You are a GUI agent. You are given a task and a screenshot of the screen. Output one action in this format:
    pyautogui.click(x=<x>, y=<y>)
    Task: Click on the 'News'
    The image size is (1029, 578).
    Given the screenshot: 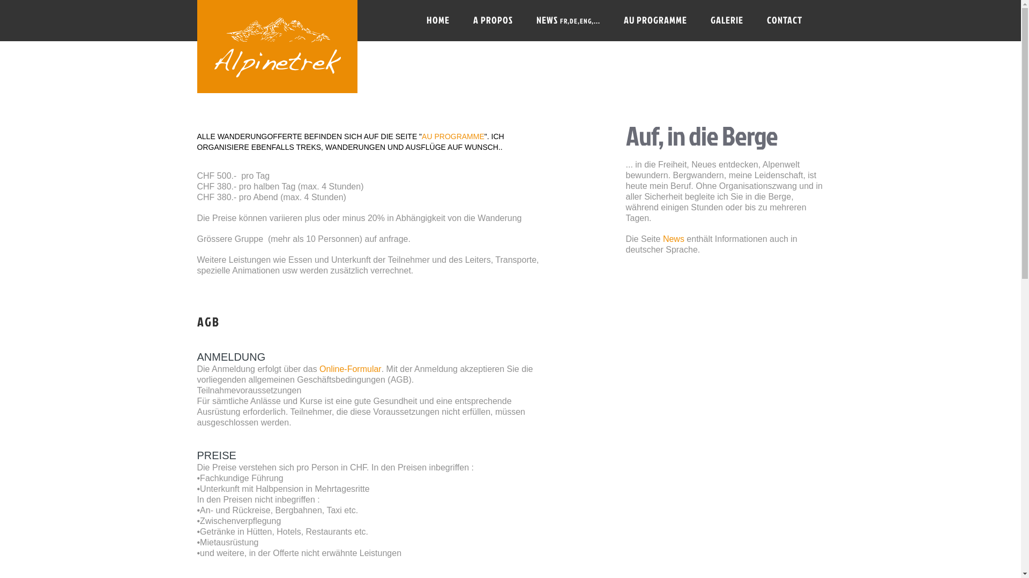 What is the action you would take?
    pyautogui.click(x=673, y=238)
    